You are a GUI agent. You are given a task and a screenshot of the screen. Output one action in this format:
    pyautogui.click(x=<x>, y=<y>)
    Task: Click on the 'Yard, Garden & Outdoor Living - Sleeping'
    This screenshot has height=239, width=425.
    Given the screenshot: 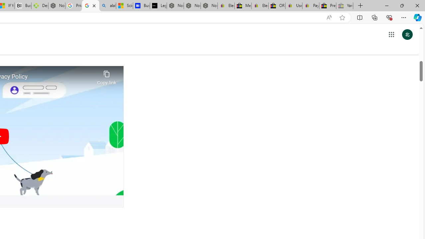 What is the action you would take?
    pyautogui.click(x=345, y=6)
    